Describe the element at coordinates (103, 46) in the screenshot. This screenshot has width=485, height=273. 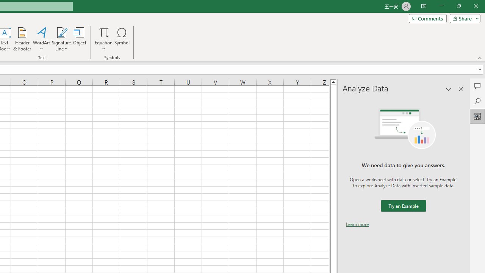
I see `'More Options'` at that location.